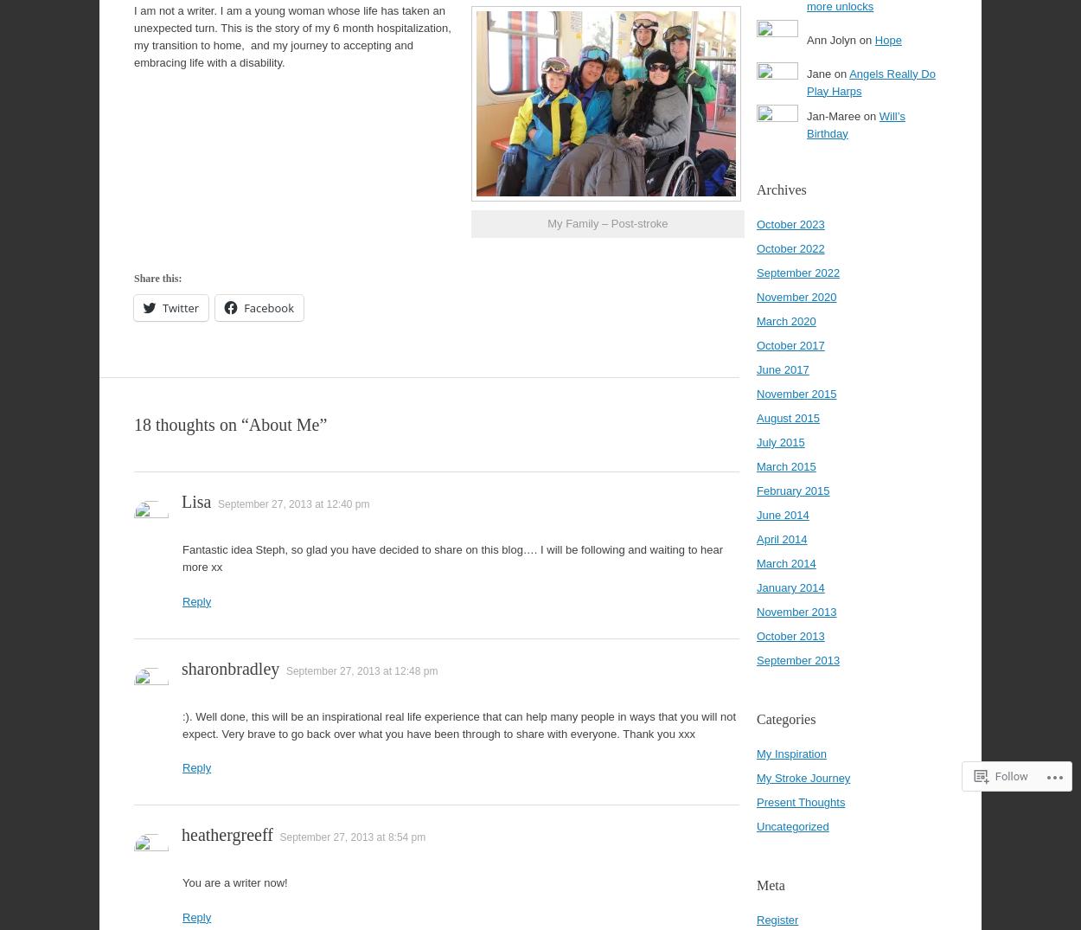  What do you see at coordinates (796, 611) in the screenshot?
I see `'November 2013'` at bounding box center [796, 611].